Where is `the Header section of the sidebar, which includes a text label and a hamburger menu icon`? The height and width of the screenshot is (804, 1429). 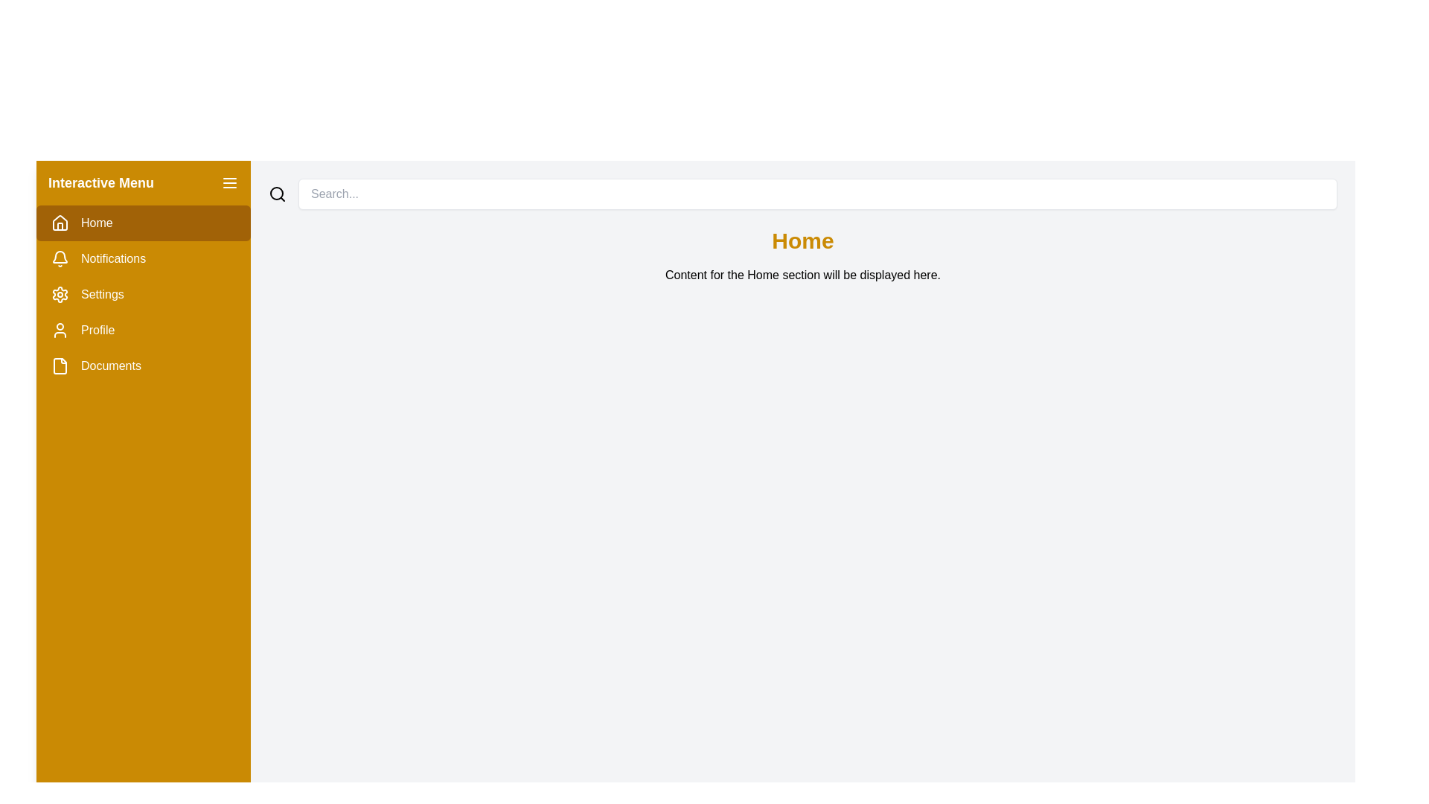
the Header section of the sidebar, which includes a text label and a hamburger menu icon is located at coordinates (143, 182).